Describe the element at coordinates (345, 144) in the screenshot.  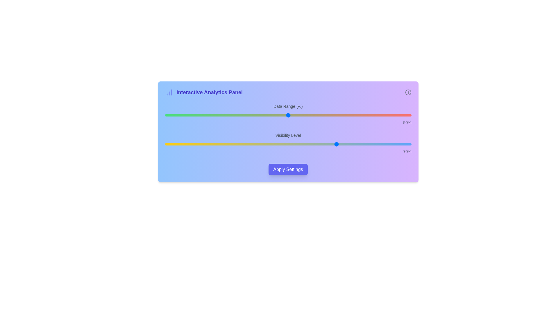
I see `the 'Visibility Level' slider to set its value to 73%` at that location.